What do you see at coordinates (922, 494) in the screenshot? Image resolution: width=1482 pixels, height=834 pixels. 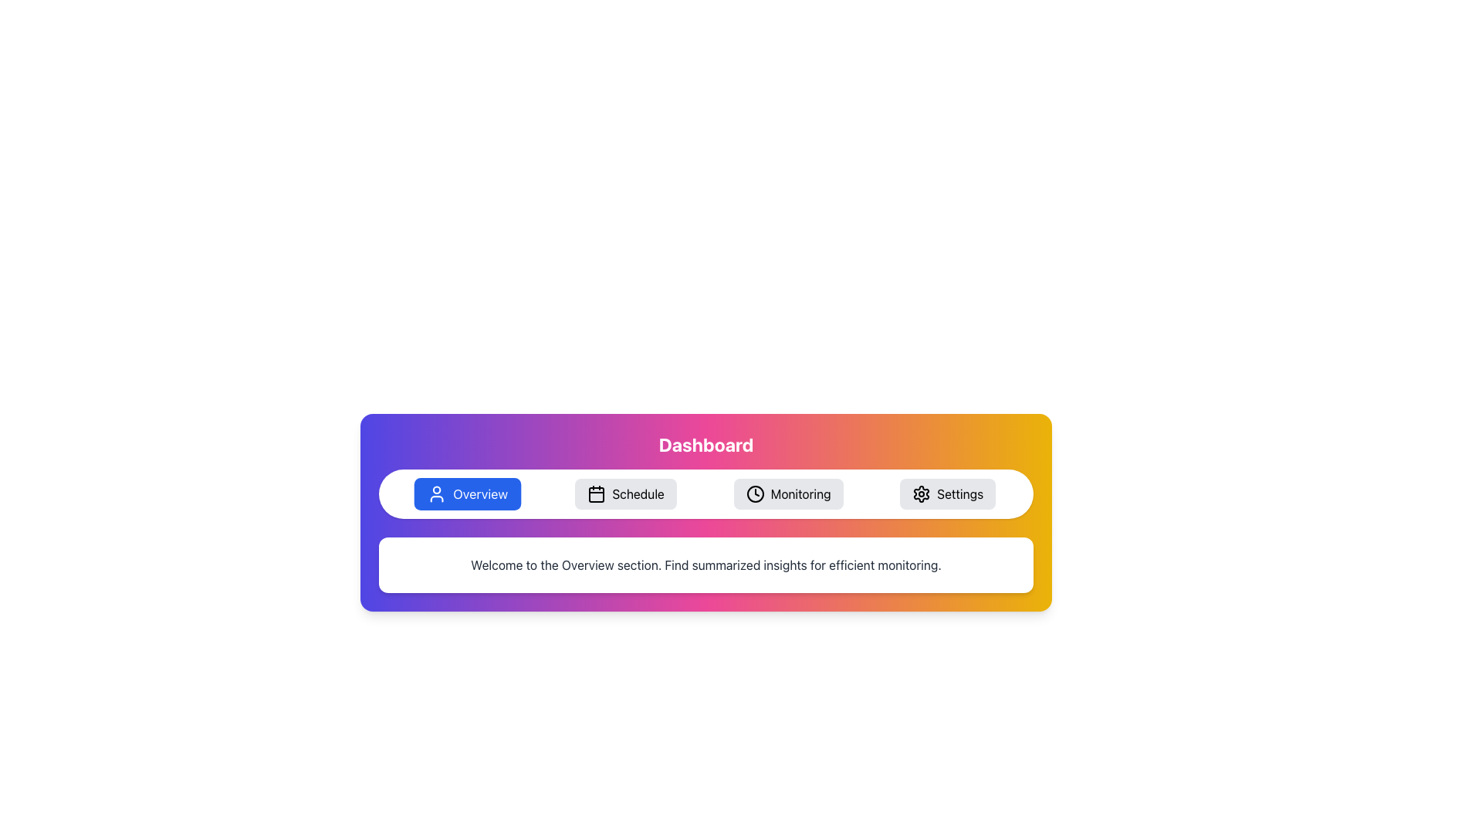 I see `the settings icon located on the far-right of the top navigation bar` at bounding box center [922, 494].